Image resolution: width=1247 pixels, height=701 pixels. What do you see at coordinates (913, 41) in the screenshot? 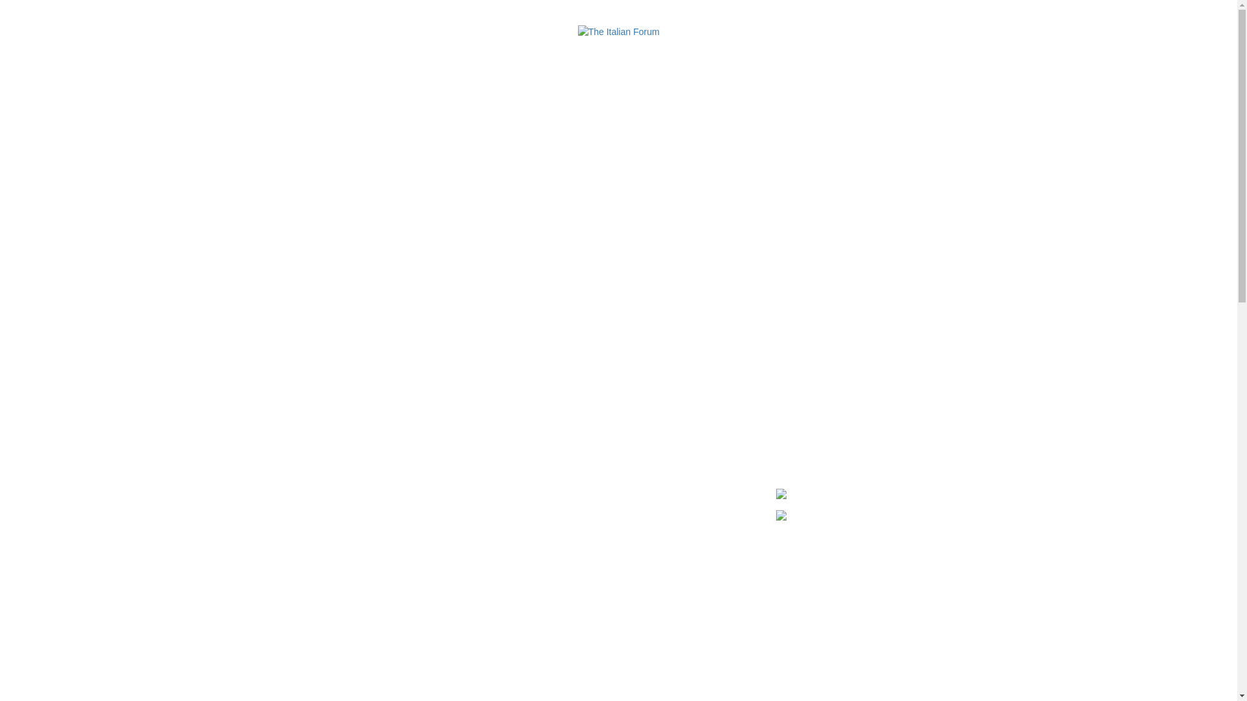
I see `'CONTACT'` at bounding box center [913, 41].